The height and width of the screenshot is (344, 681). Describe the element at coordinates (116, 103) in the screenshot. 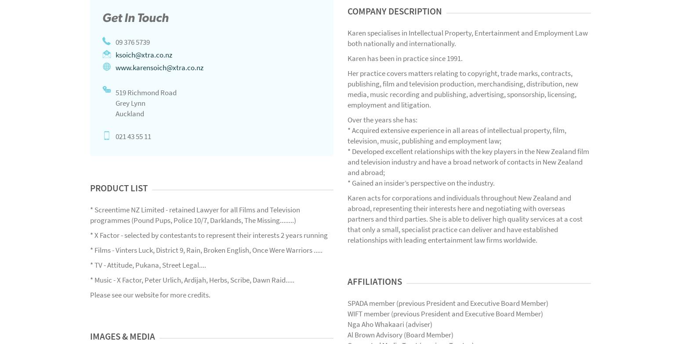

I see `'Grey Lynn'` at that location.